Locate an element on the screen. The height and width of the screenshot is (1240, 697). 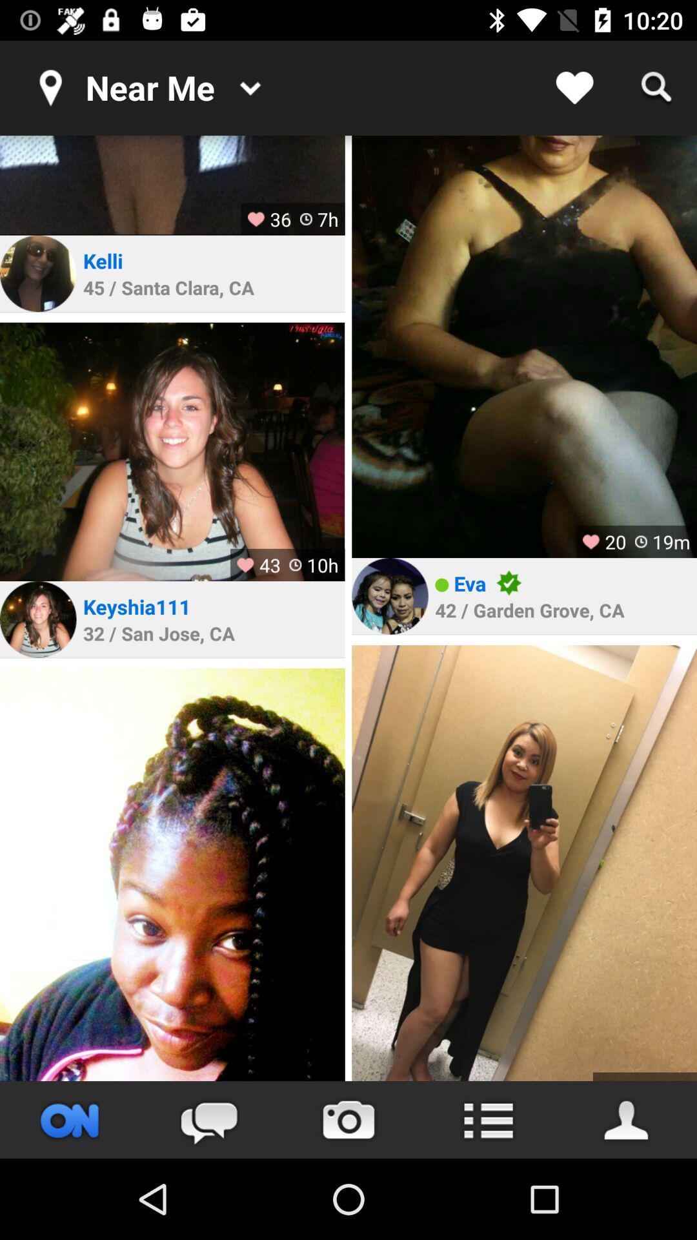
profile picture is located at coordinates (37, 619).